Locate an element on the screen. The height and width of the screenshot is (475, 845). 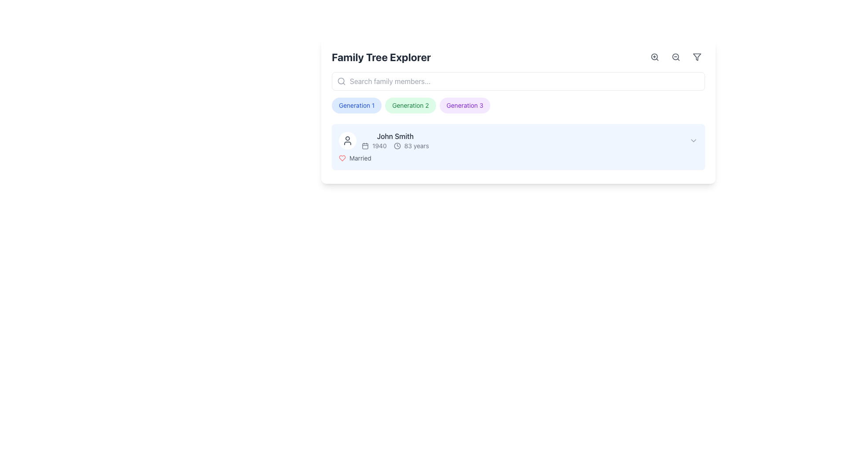
the circular user profile icon with a white background located to the left of the text 'John Smith', '1940', and '83 years' is located at coordinates (347, 140).